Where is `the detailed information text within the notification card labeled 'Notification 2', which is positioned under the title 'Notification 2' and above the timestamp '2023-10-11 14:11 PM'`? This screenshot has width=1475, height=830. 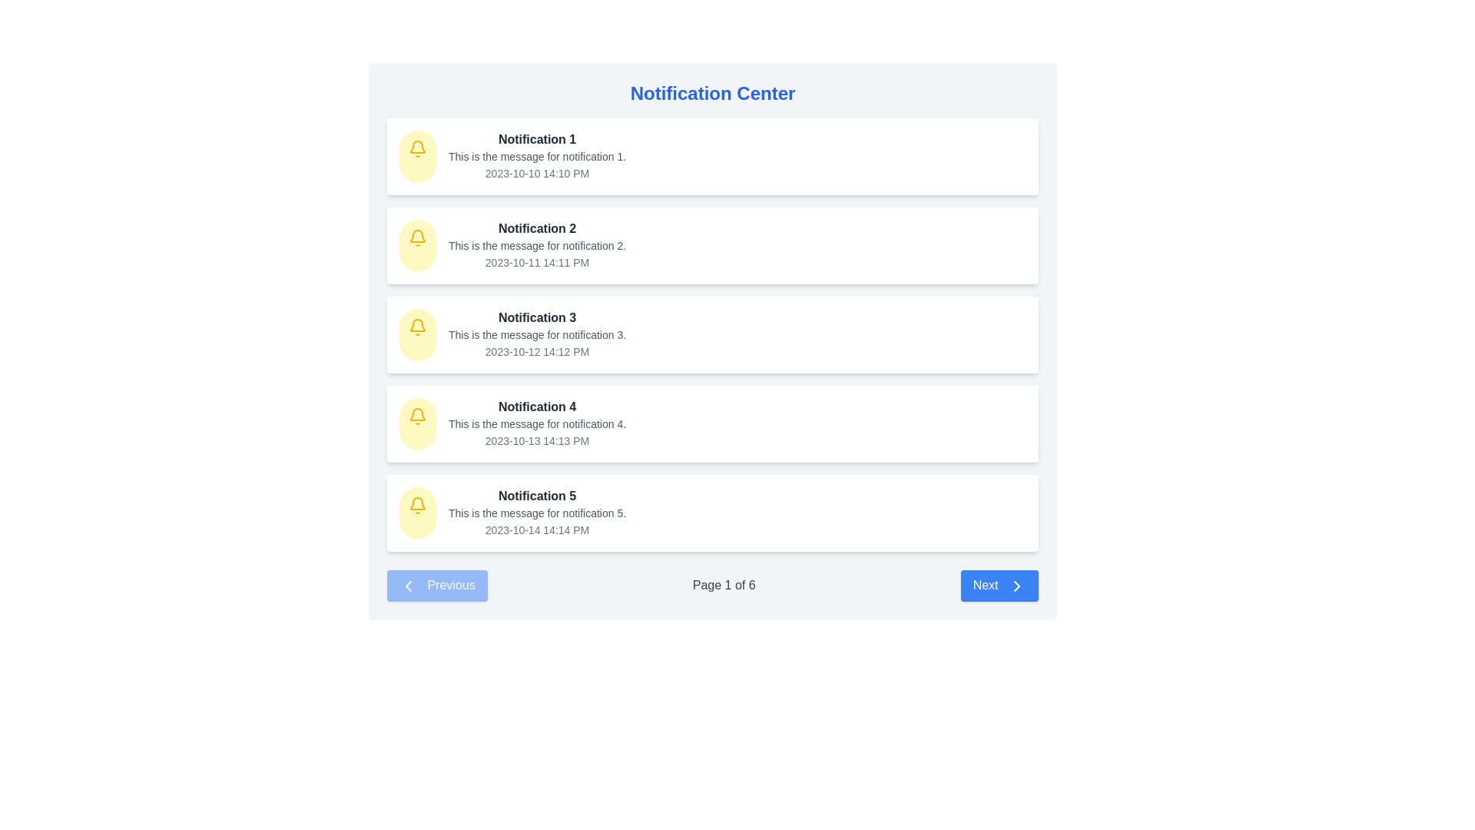
the detailed information text within the notification card labeled 'Notification 2', which is positioned under the title 'Notification 2' and above the timestamp '2023-10-11 14:11 PM' is located at coordinates (537, 245).